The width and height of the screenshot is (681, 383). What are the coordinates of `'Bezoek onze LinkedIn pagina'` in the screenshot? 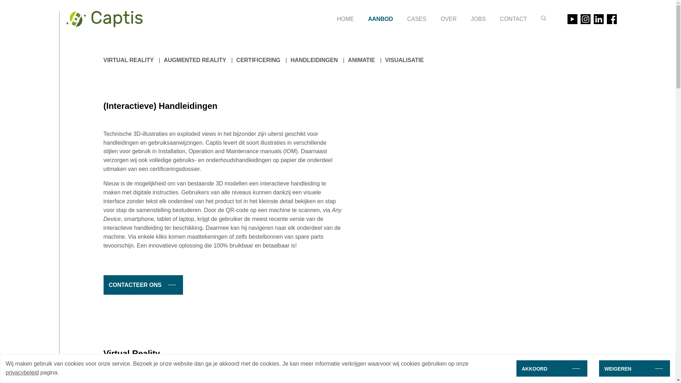 It's located at (598, 19).